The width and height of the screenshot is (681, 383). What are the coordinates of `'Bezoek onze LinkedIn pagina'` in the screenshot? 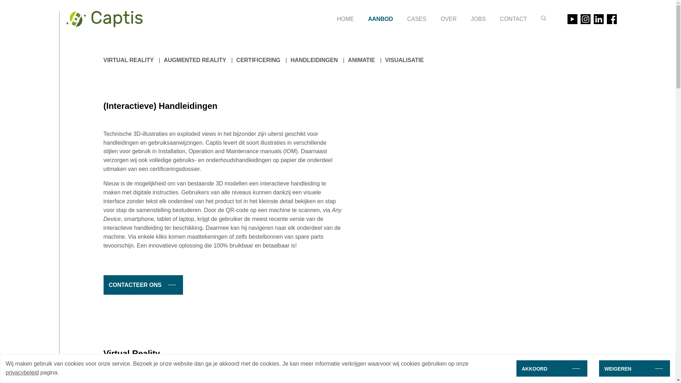 It's located at (598, 19).